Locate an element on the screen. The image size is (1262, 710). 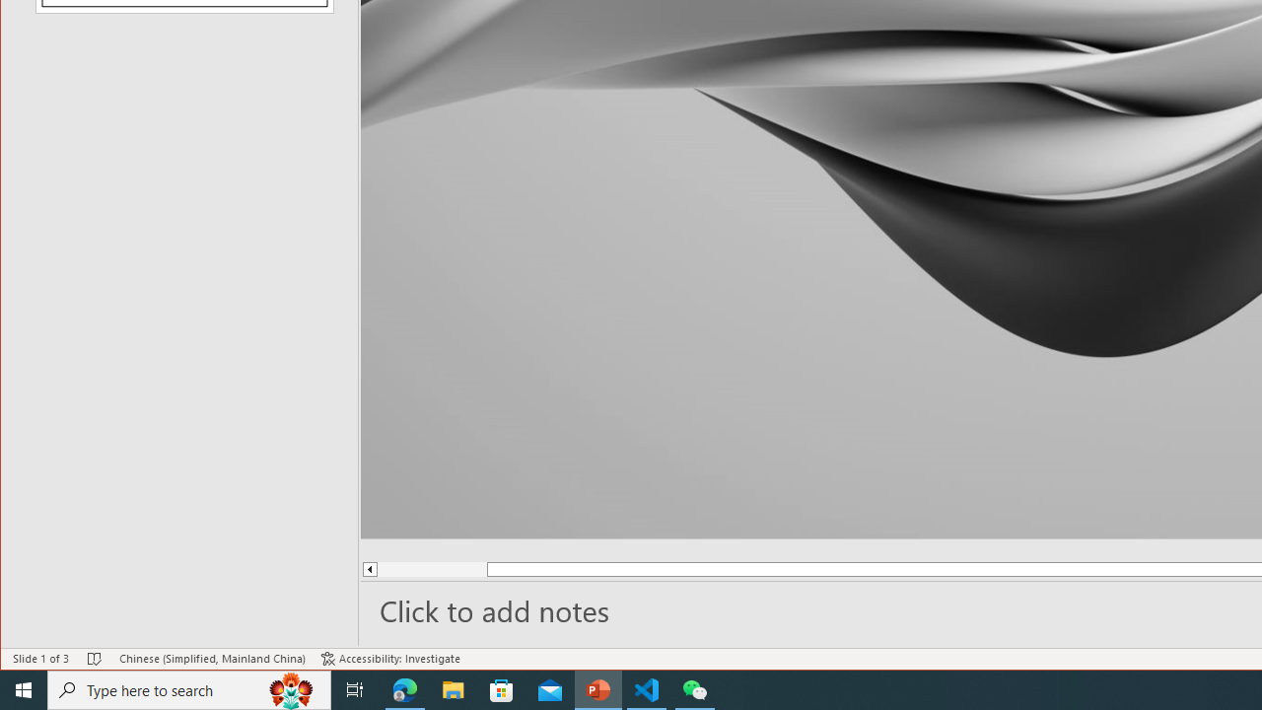
'Page up' is located at coordinates (431, 569).